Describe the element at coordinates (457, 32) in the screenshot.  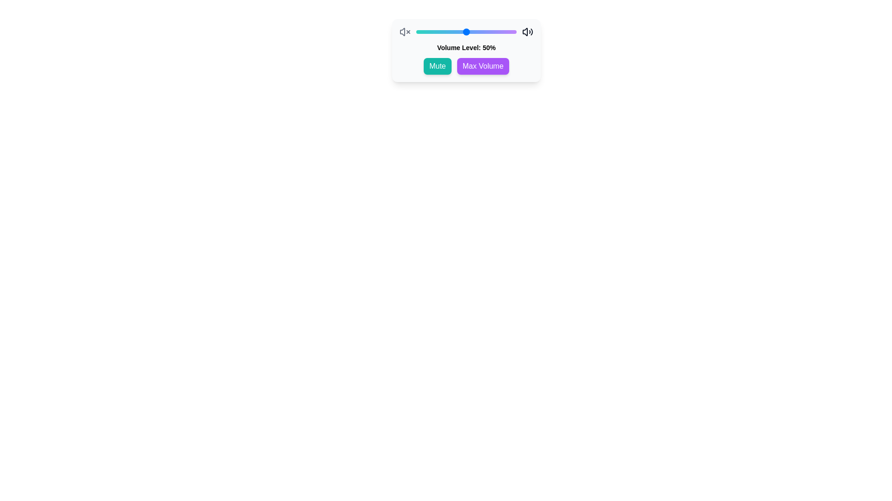
I see `the volume slider to set the volume level to 41%` at that location.